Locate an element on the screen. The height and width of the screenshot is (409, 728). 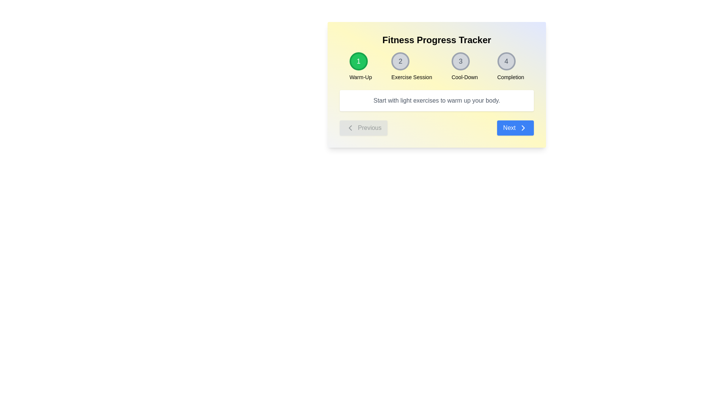
the right-facing chevron icon indicating a forward action within the 'Next' button is located at coordinates (523, 128).